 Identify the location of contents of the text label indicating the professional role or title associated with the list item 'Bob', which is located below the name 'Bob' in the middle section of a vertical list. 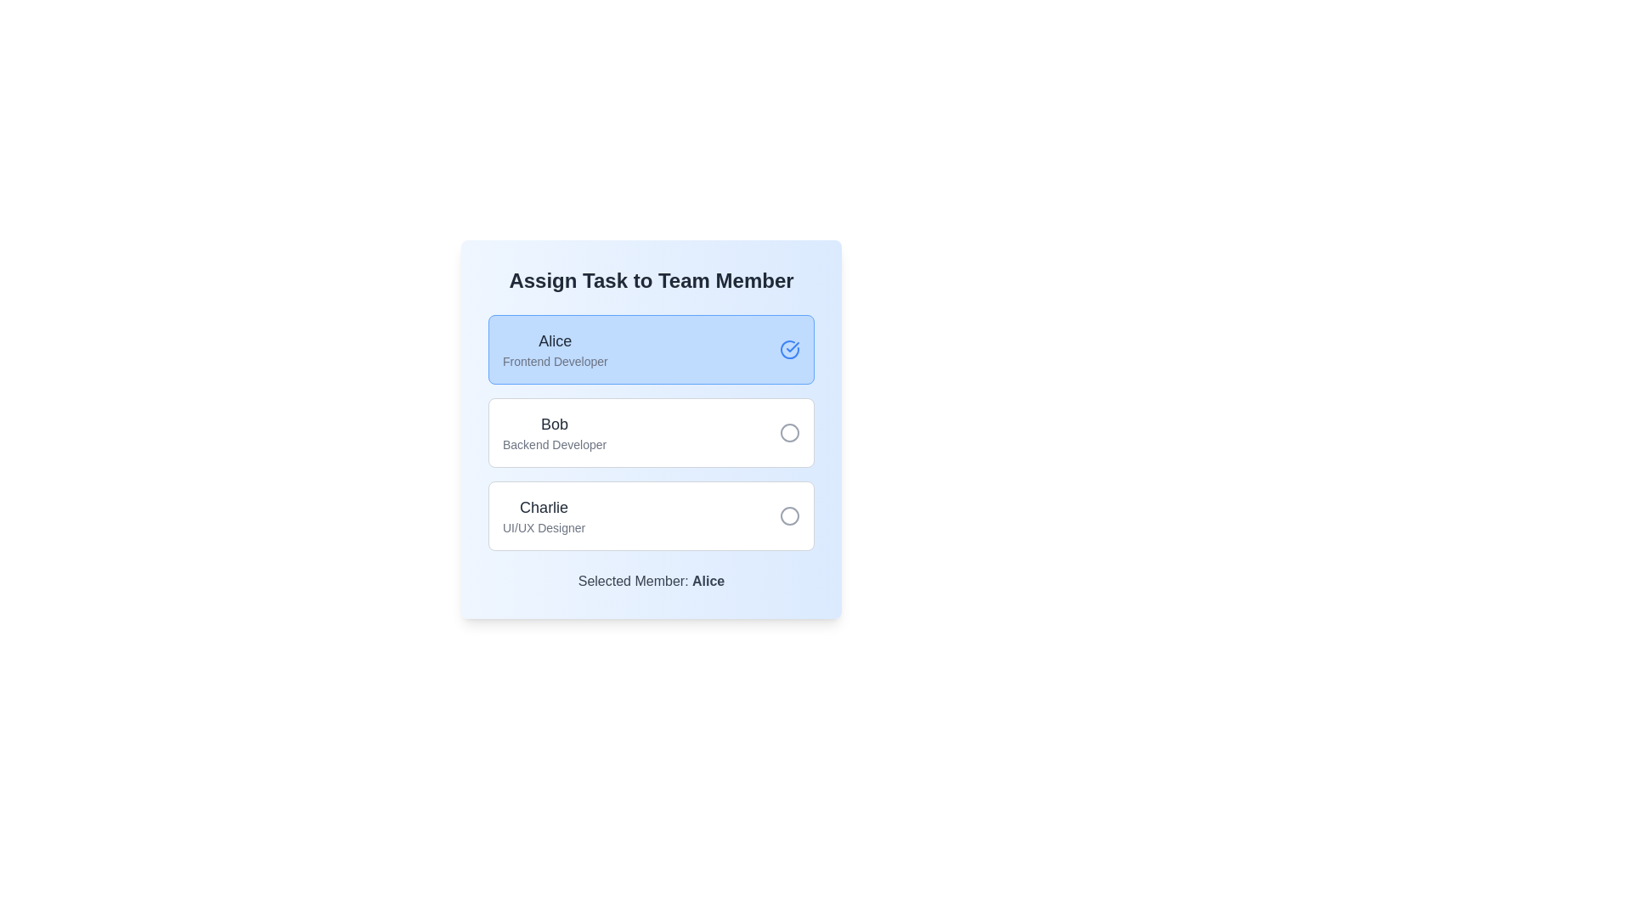
(555, 444).